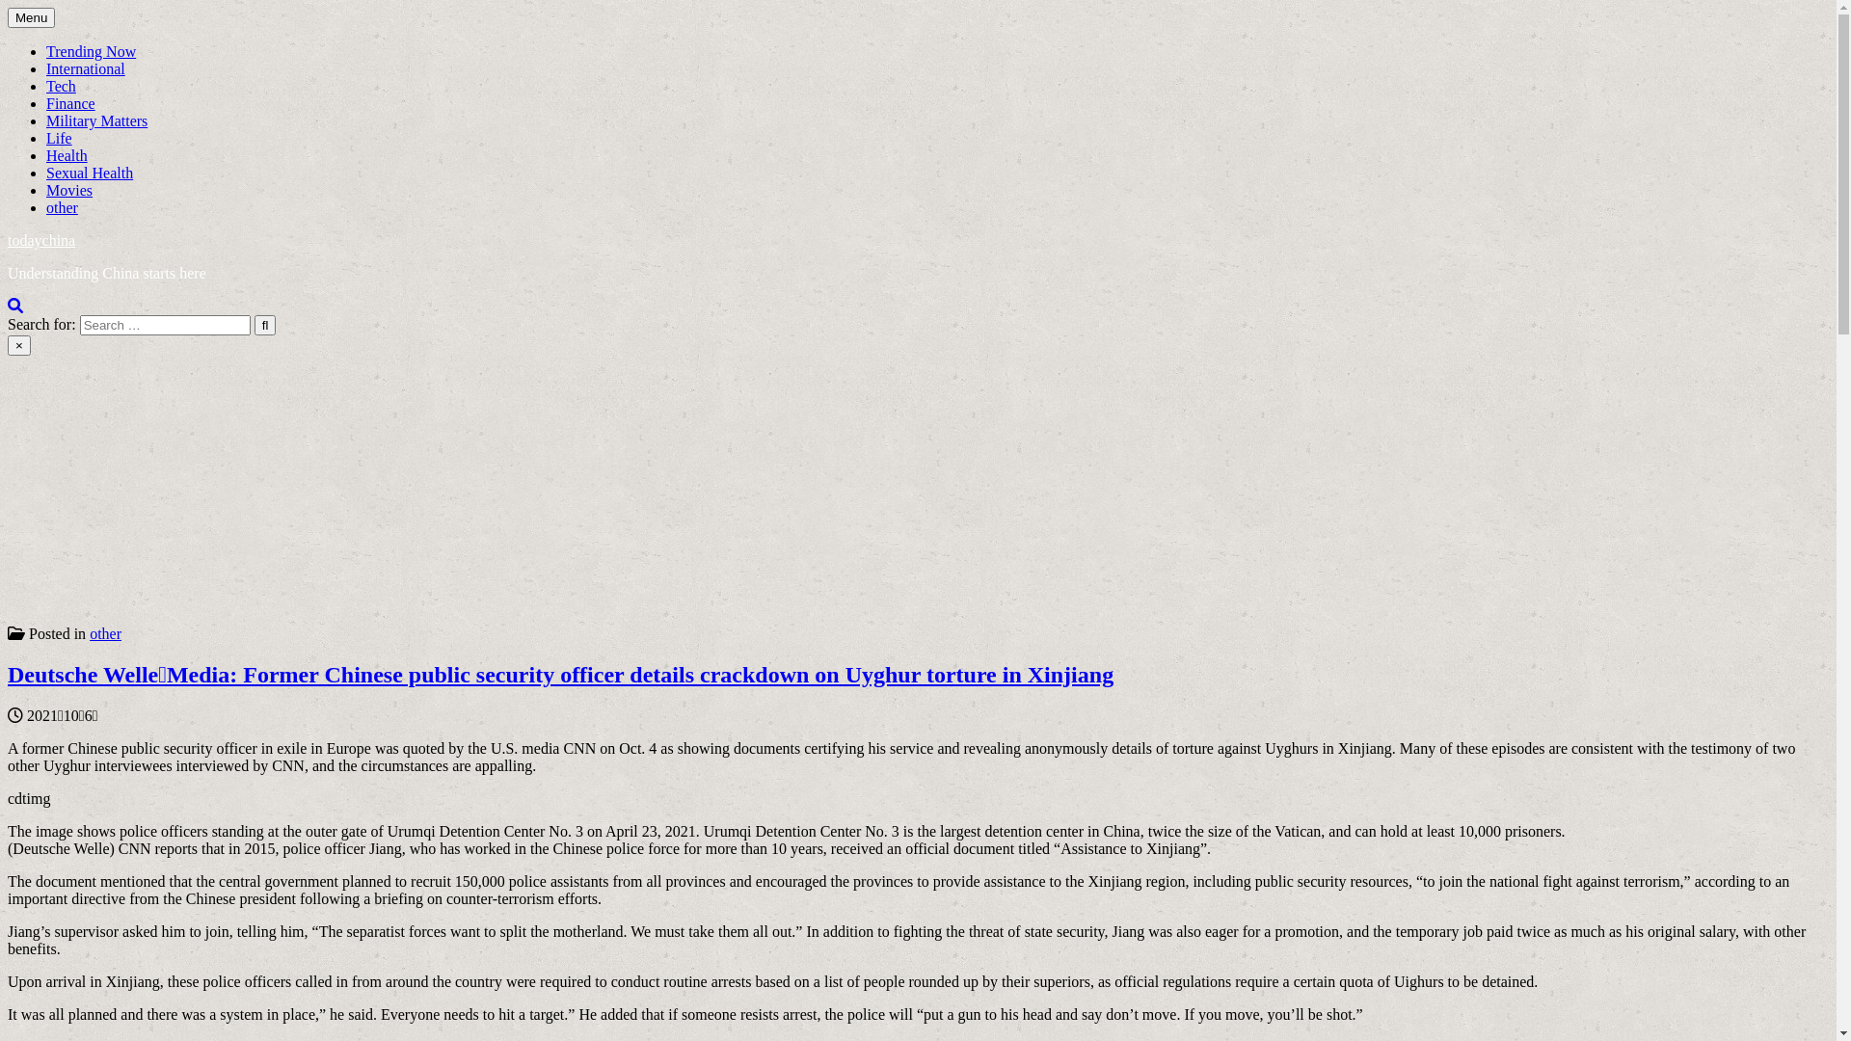  Describe the element at coordinates (70, 103) in the screenshot. I see `'Finance'` at that location.